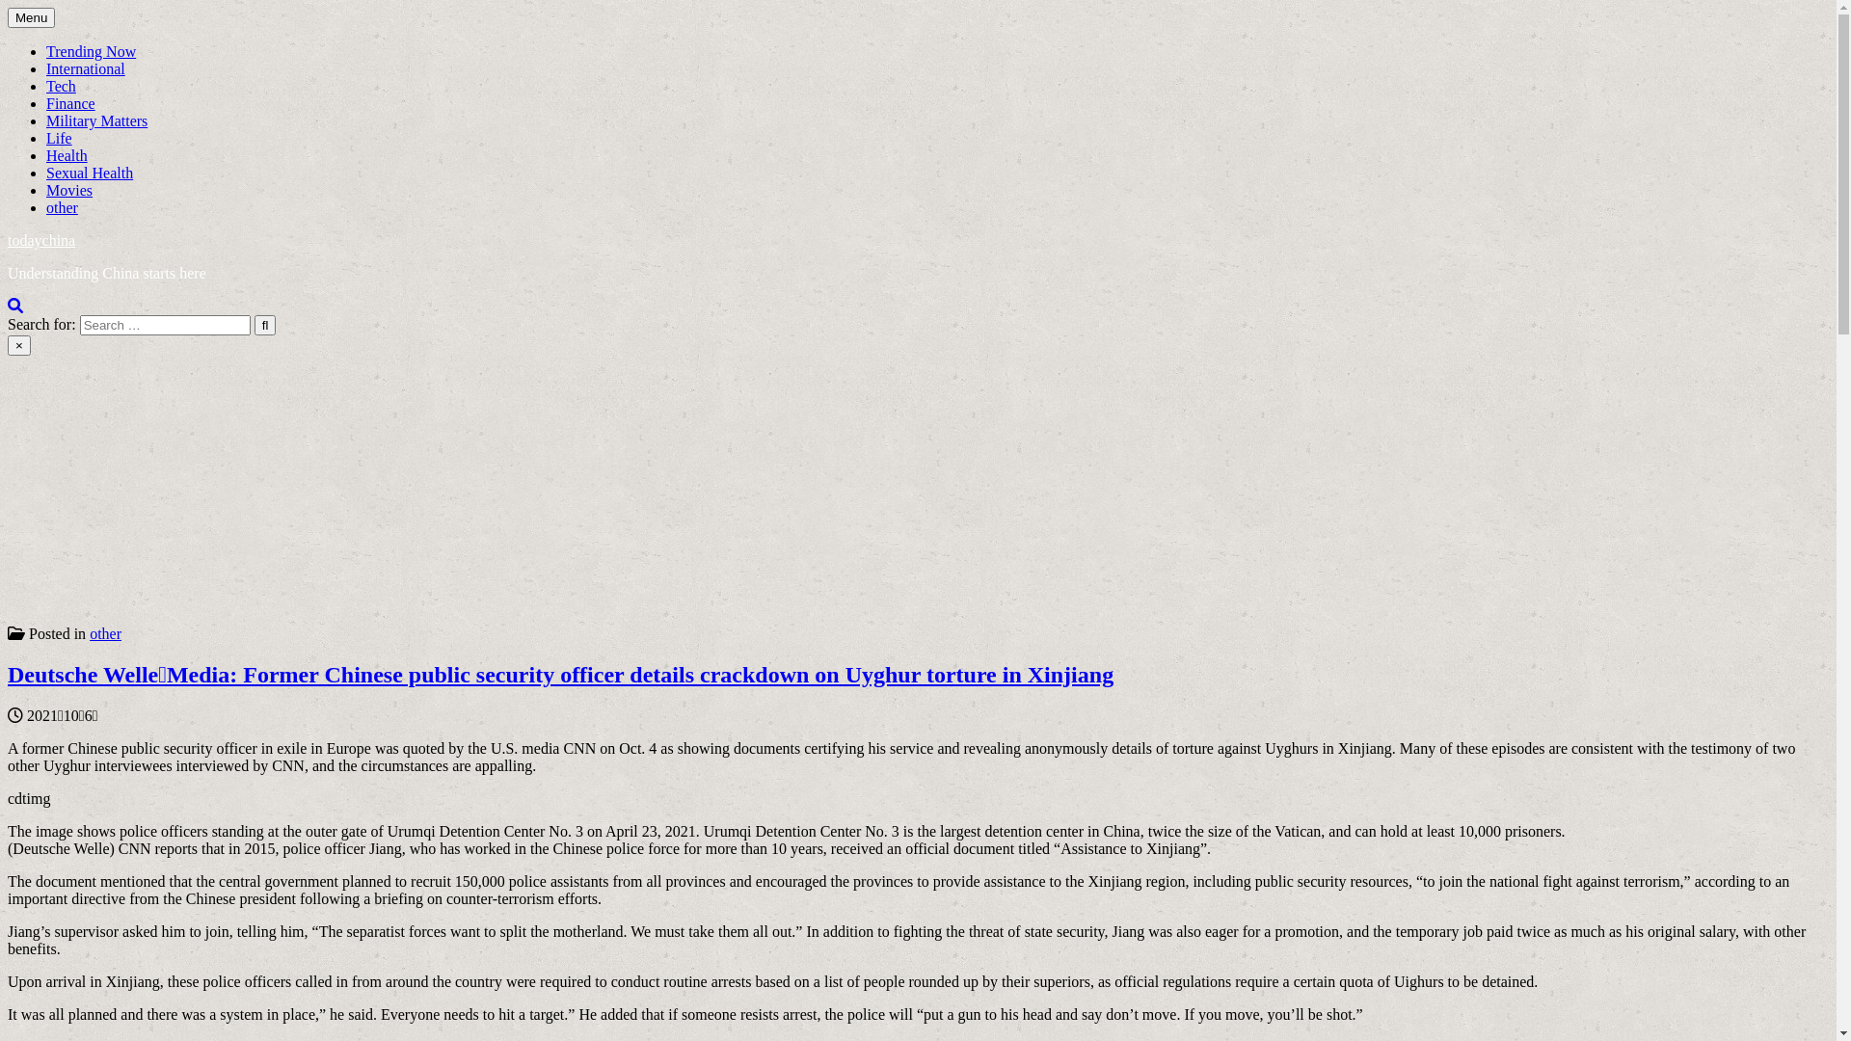  Describe the element at coordinates (70, 103) in the screenshot. I see `'Finance'` at that location.